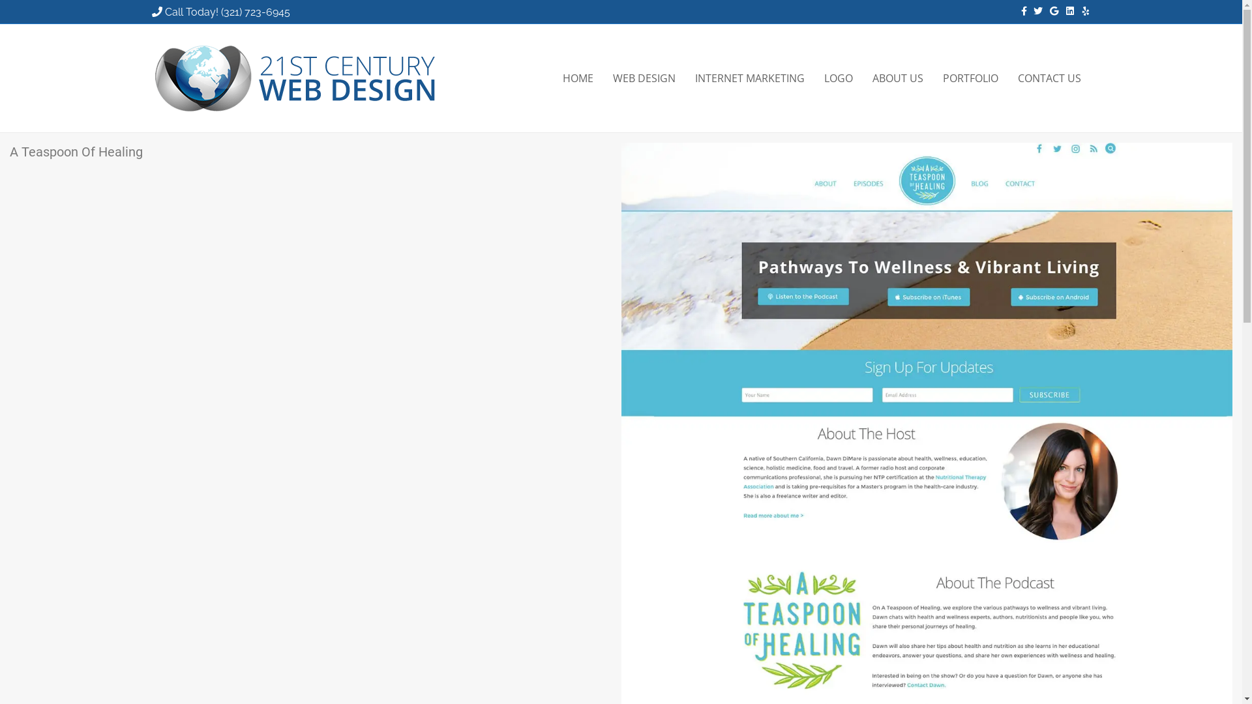 This screenshot has height=704, width=1252. What do you see at coordinates (684, 78) in the screenshot?
I see `'INTERNET MARKETING'` at bounding box center [684, 78].